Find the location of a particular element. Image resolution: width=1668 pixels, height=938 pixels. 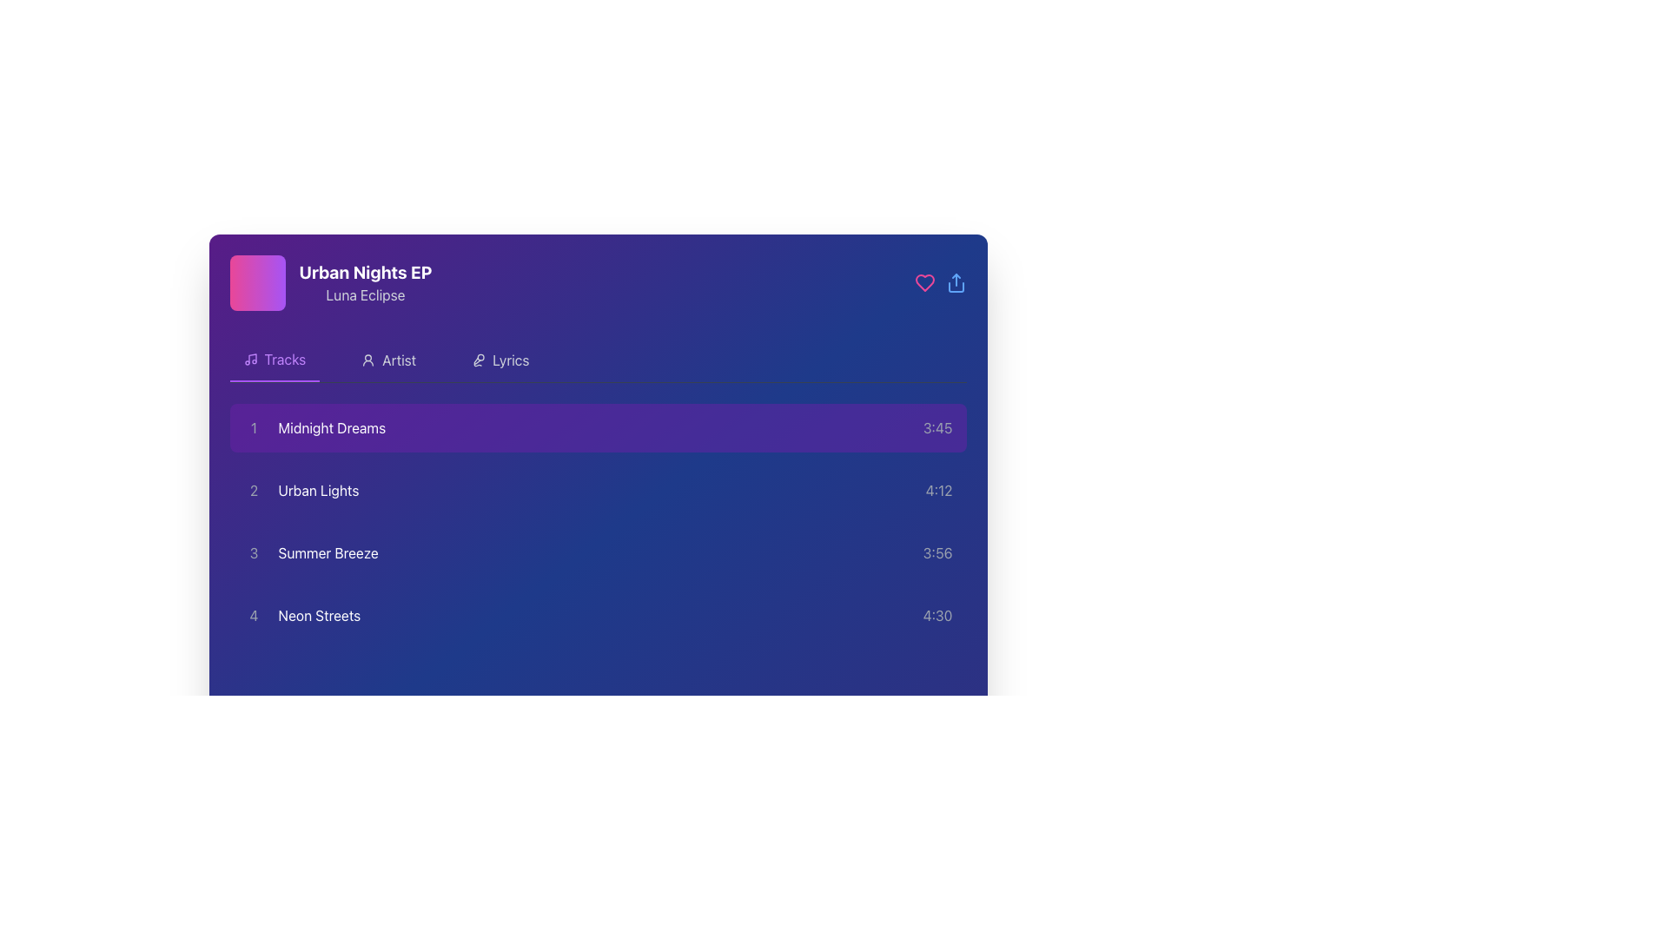

the text label that represents the title of the currently selected music track in the playlist to trigger a tooltip or effect is located at coordinates (332, 428).